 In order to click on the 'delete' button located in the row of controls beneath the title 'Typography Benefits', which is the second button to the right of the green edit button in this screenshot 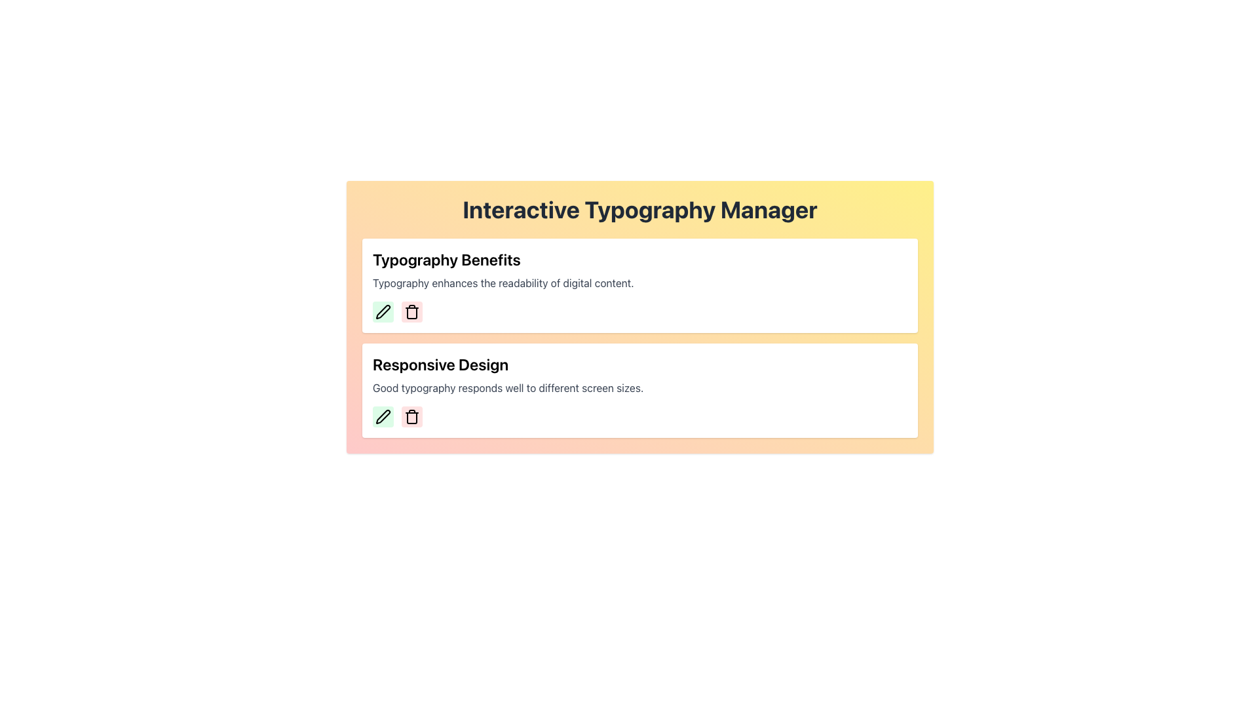, I will do `click(411, 311)`.